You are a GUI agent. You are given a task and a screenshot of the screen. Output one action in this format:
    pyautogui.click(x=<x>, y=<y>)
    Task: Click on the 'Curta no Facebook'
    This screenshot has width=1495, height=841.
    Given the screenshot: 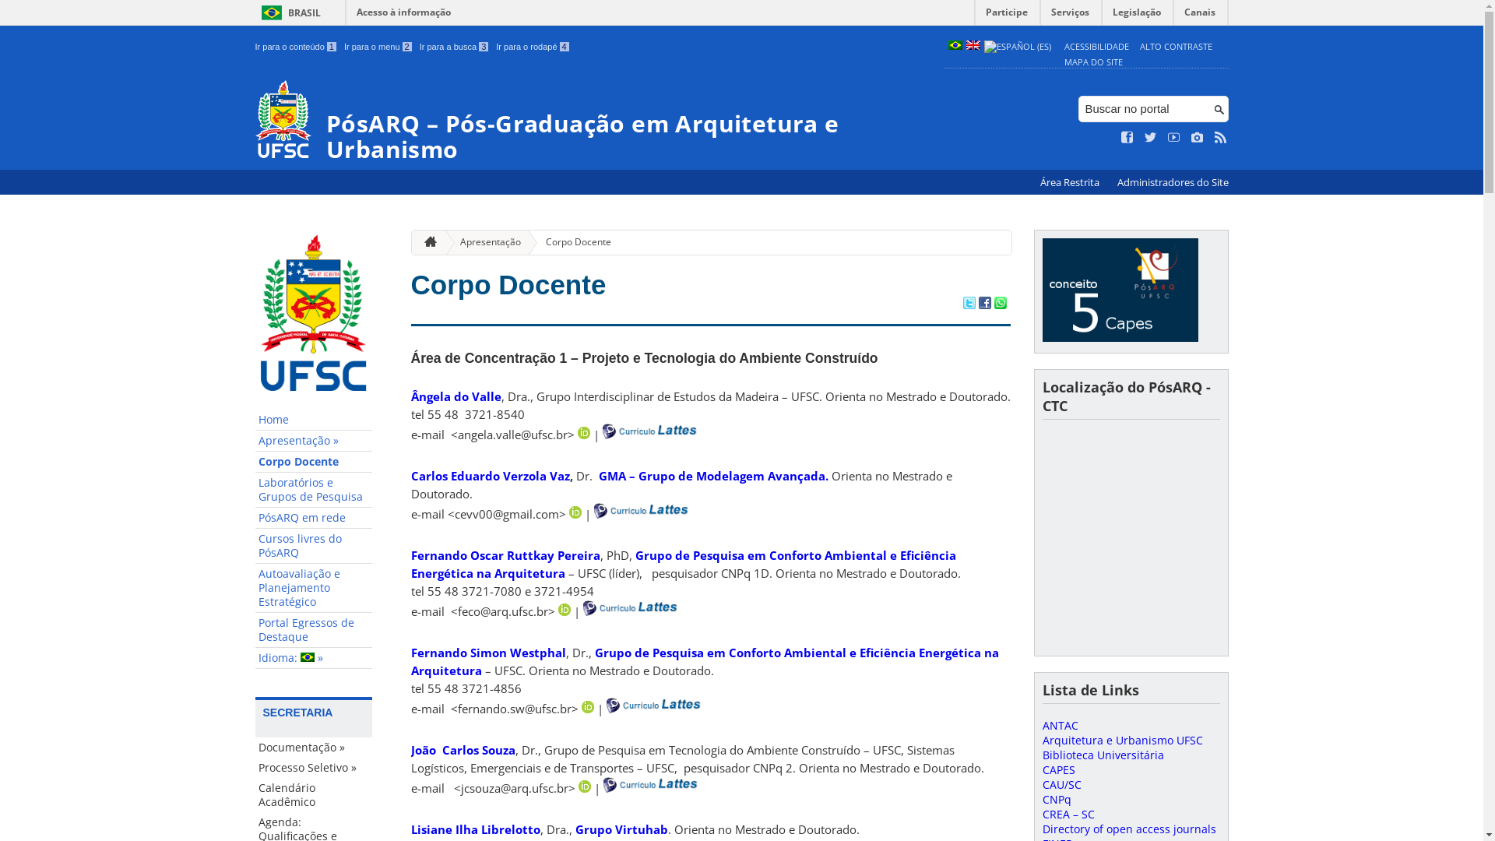 What is the action you would take?
    pyautogui.click(x=1127, y=137)
    